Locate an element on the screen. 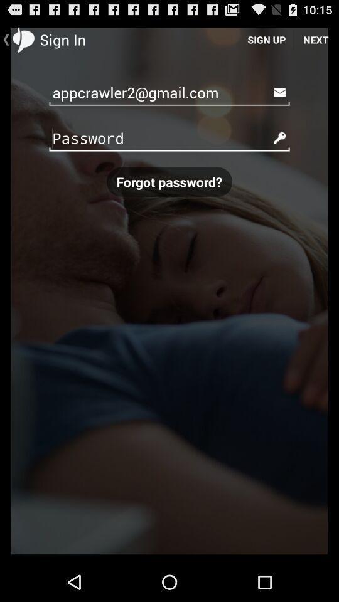  appcrawler2@gmail.com item is located at coordinates (169, 92).